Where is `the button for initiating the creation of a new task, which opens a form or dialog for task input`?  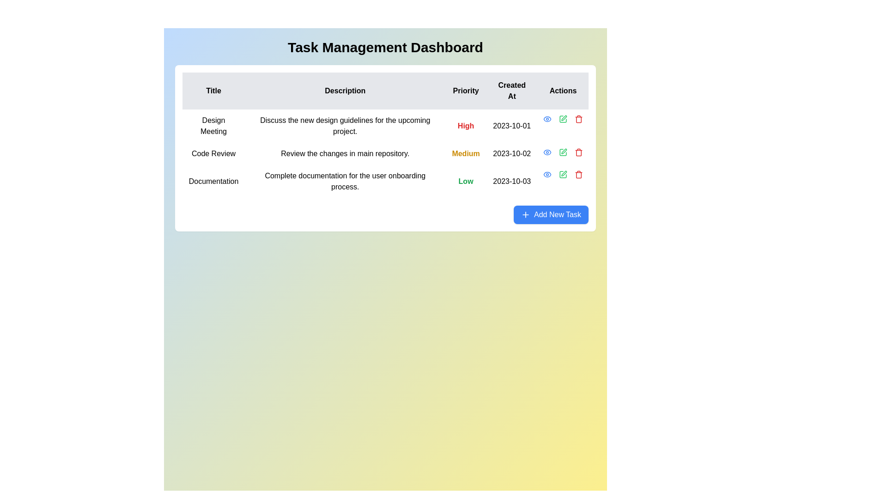 the button for initiating the creation of a new task, which opens a form or dialog for task input is located at coordinates (551, 215).